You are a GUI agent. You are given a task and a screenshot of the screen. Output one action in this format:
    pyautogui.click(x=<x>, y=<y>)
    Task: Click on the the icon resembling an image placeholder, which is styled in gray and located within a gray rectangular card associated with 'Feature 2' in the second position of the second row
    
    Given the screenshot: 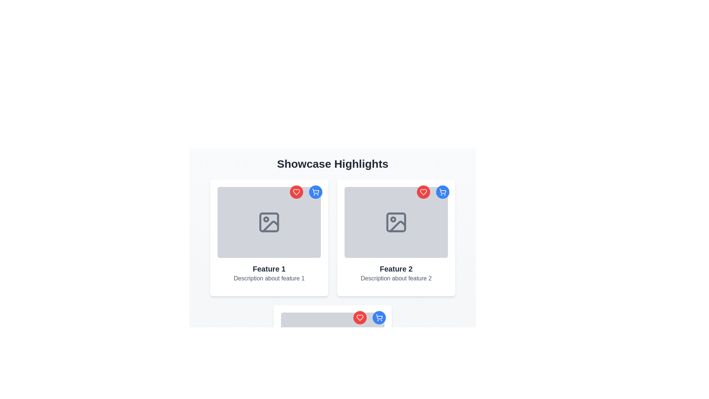 What is the action you would take?
    pyautogui.click(x=396, y=222)
    